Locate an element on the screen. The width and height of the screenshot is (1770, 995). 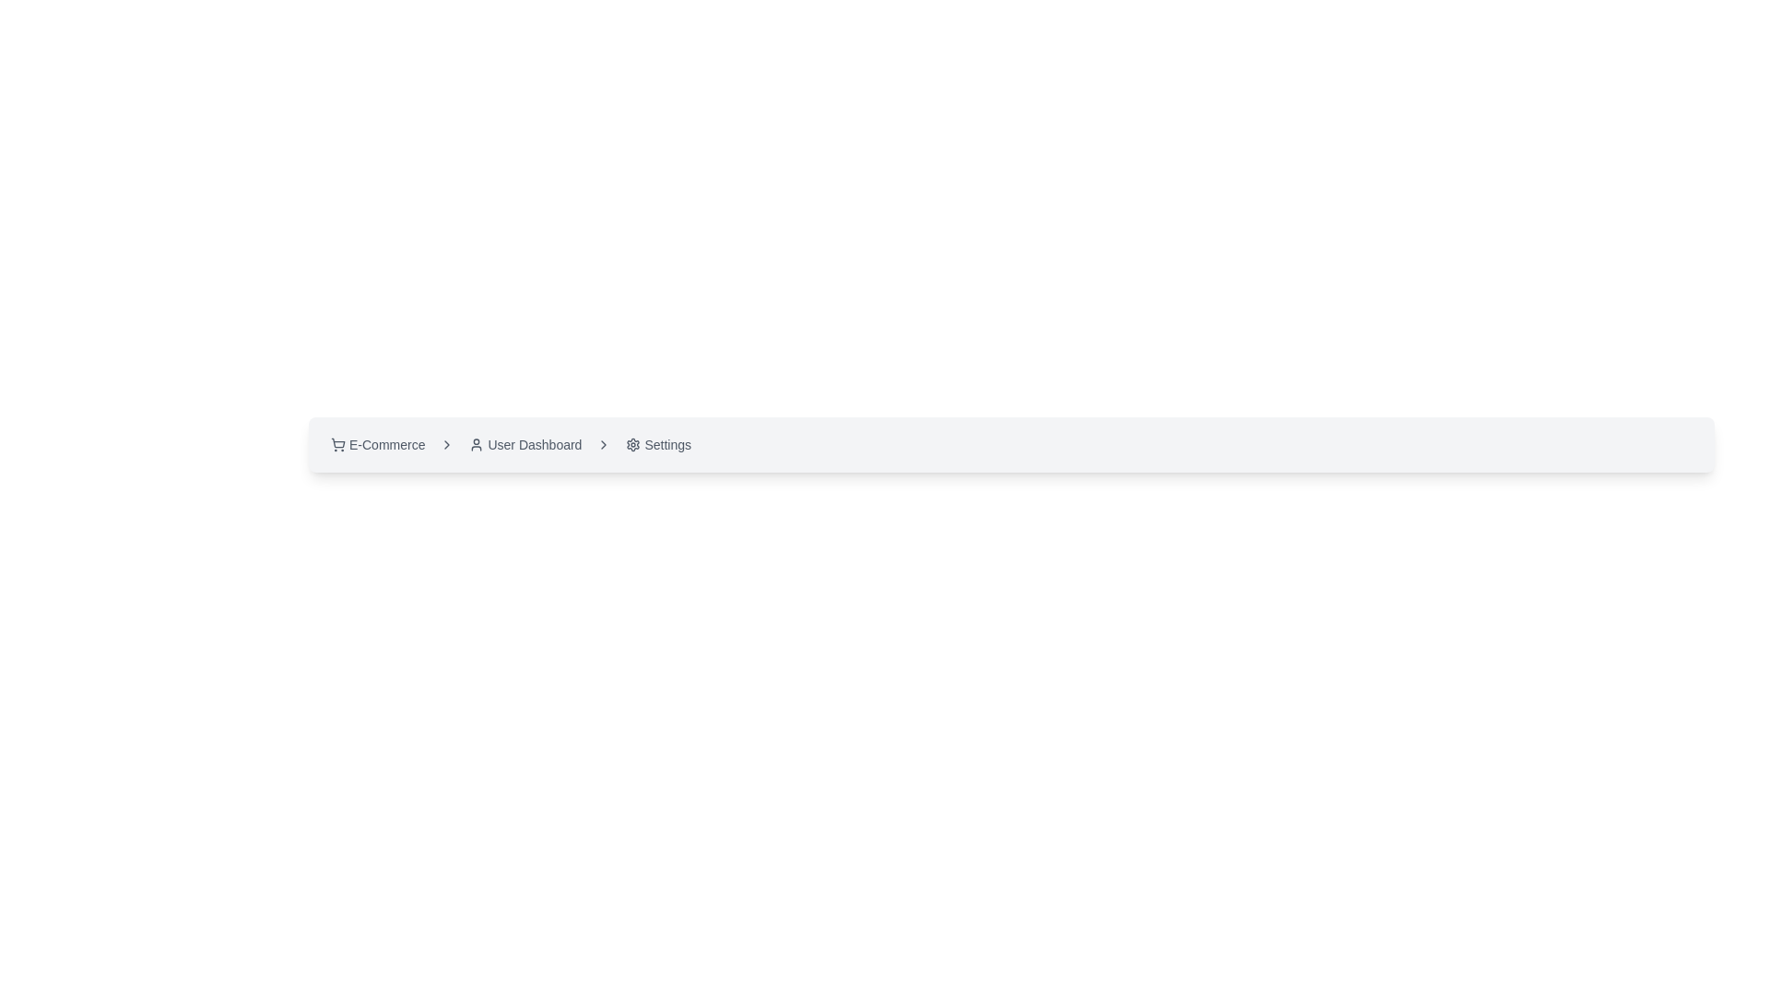
the shopping cart icon located at the beginning of the 'E-Commerce' breadcrumb link, which features an outline appearance and is positioned next to the text 'E-Commerce' is located at coordinates (337, 444).